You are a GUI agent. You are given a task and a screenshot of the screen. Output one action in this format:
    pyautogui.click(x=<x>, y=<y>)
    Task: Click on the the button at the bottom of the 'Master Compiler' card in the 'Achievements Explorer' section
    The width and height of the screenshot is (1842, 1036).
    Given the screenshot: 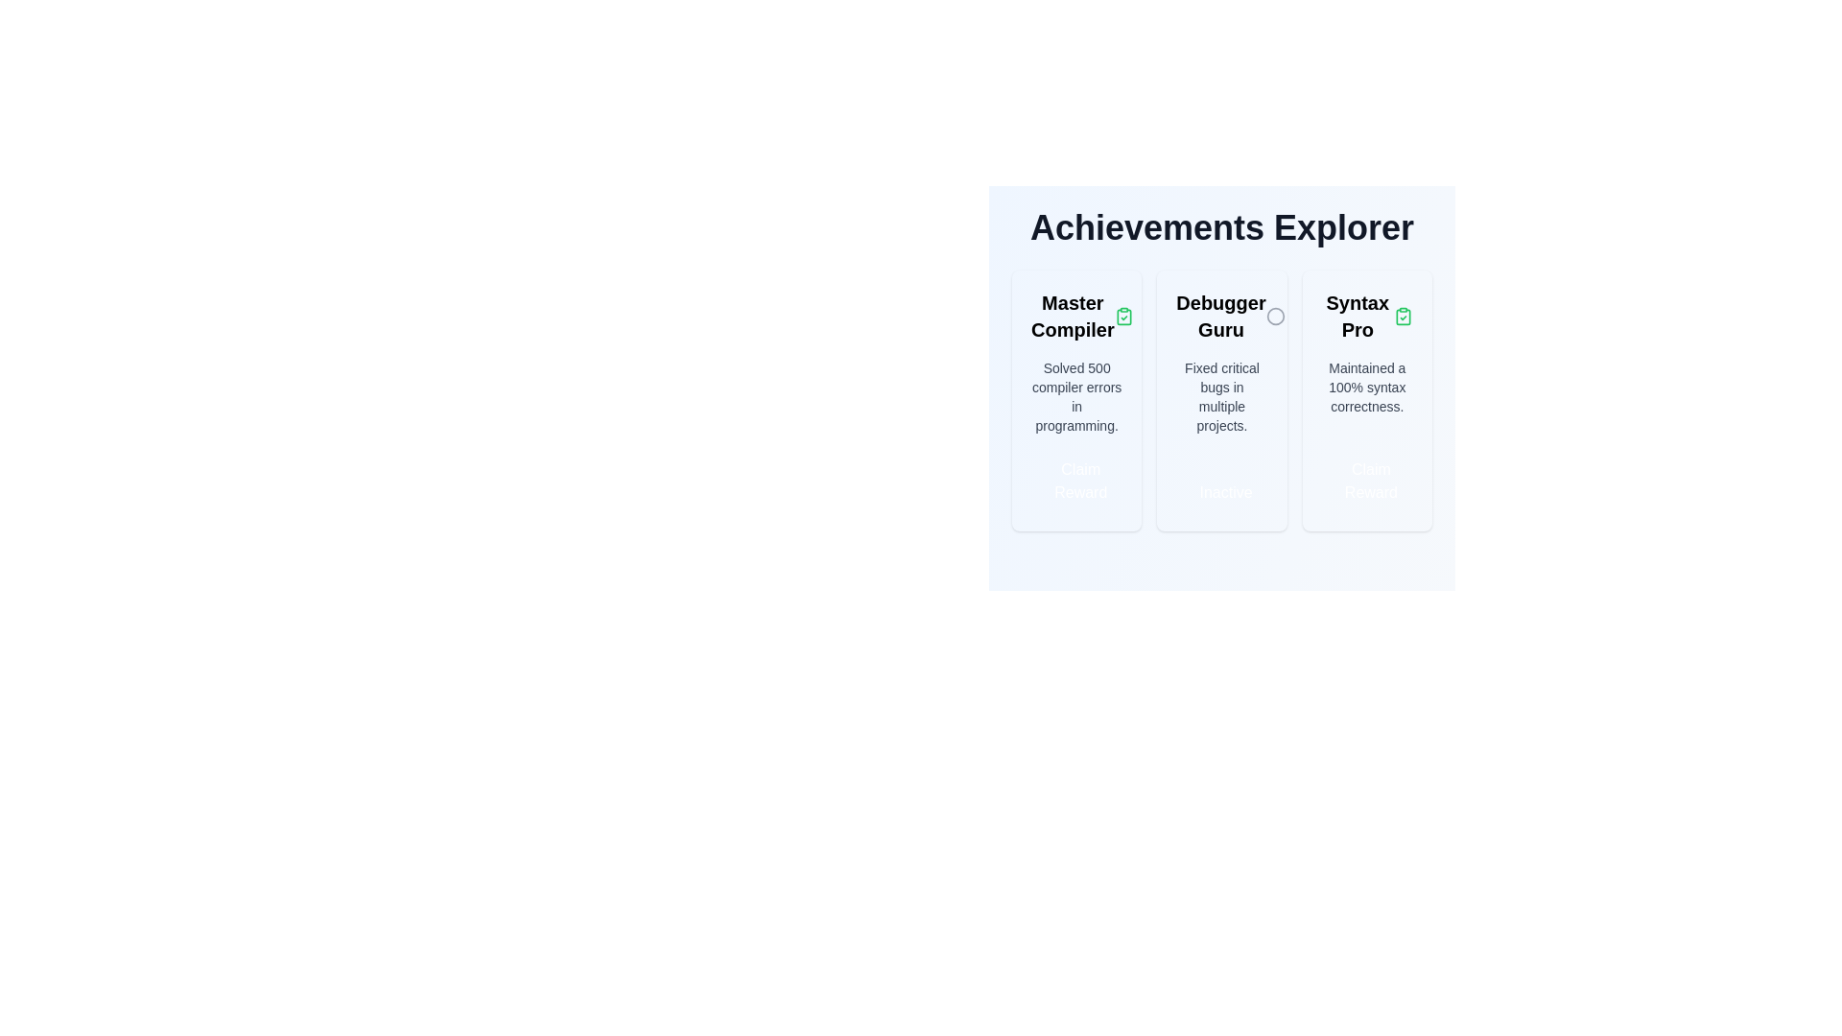 What is the action you would take?
    pyautogui.click(x=1076, y=480)
    